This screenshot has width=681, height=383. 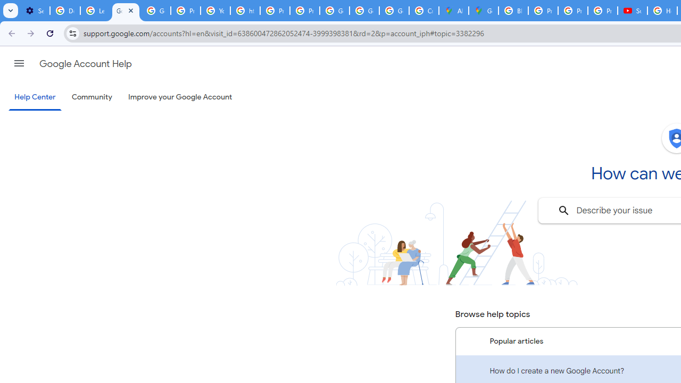 What do you see at coordinates (85, 63) in the screenshot?
I see `'Google Account Help'` at bounding box center [85, 63].